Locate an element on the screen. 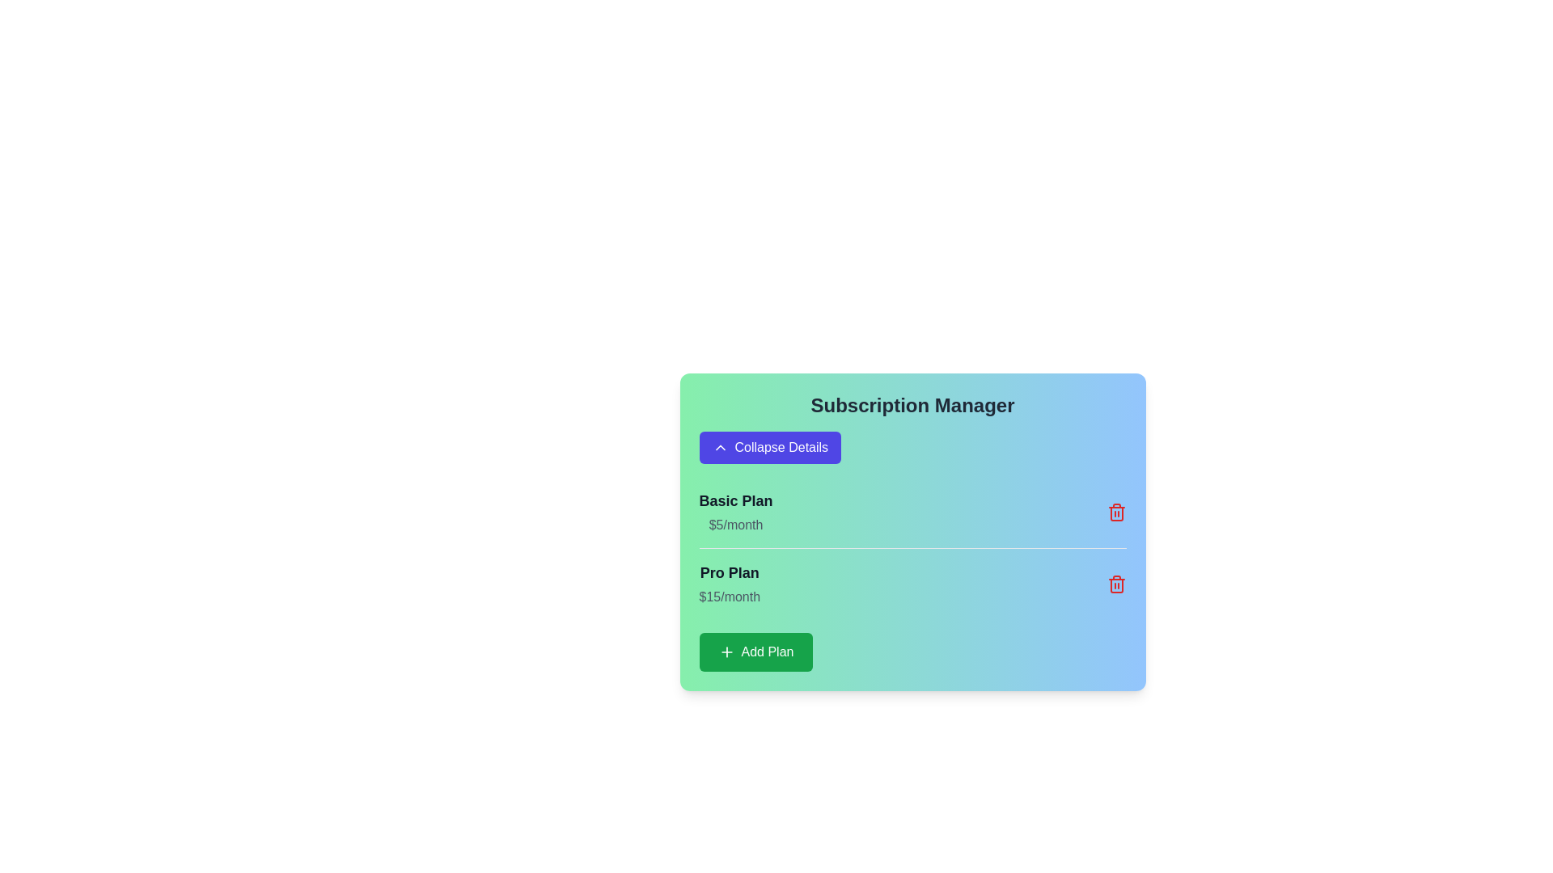  the text label showing the amount '$5/month' in gray color, located below the 'Basic Plan' title in the subscription section is located at coordinates (735, 525).